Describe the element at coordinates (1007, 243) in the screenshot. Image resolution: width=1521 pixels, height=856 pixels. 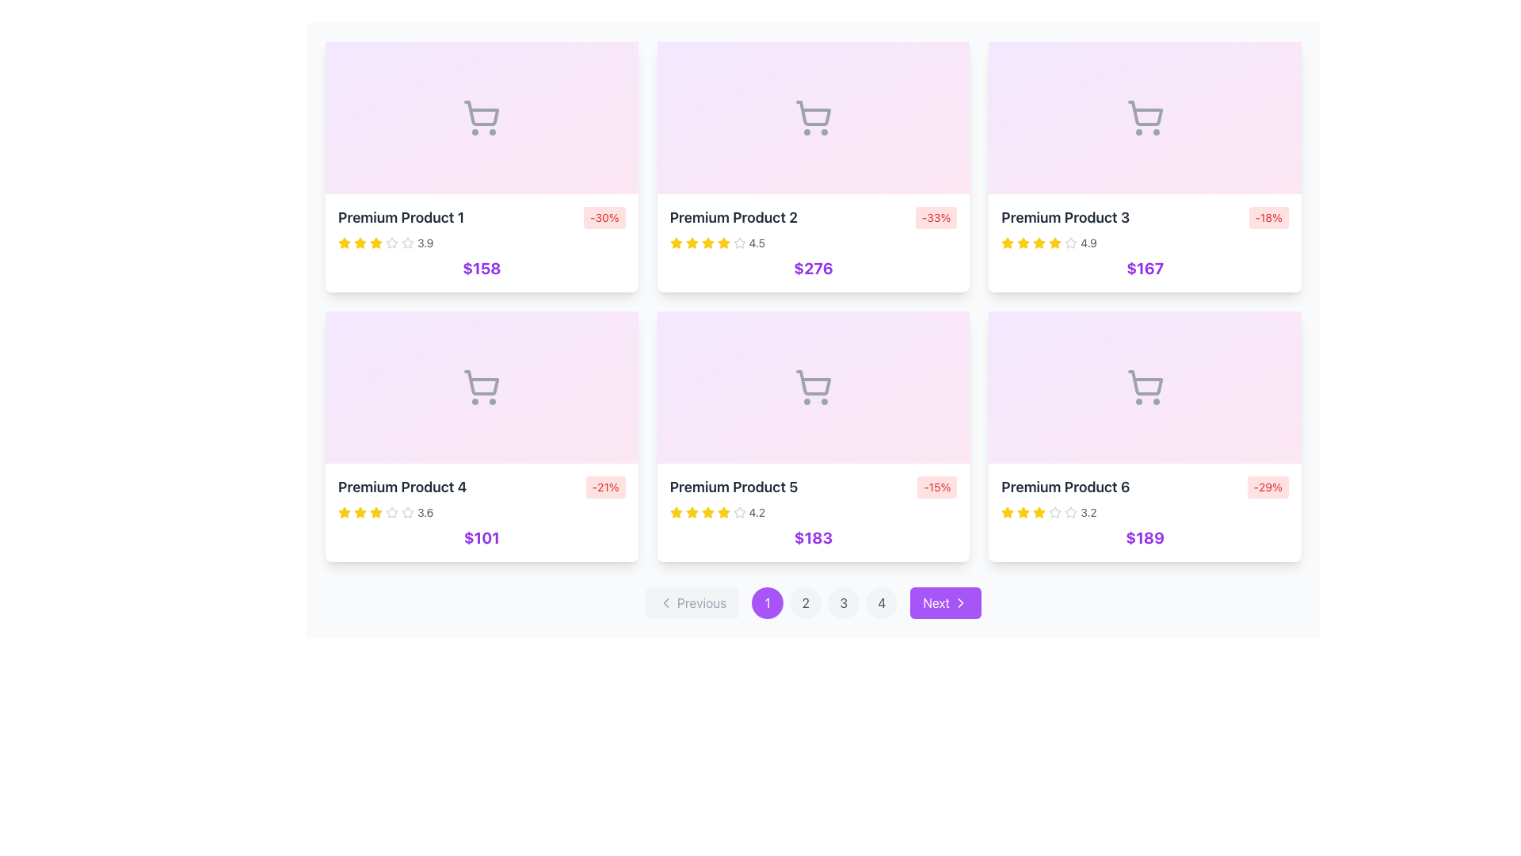
I see `the first yellow star icon in the rating system associated with 'Premium Product 3' card, located to the left of the text '4.9'` at that location.